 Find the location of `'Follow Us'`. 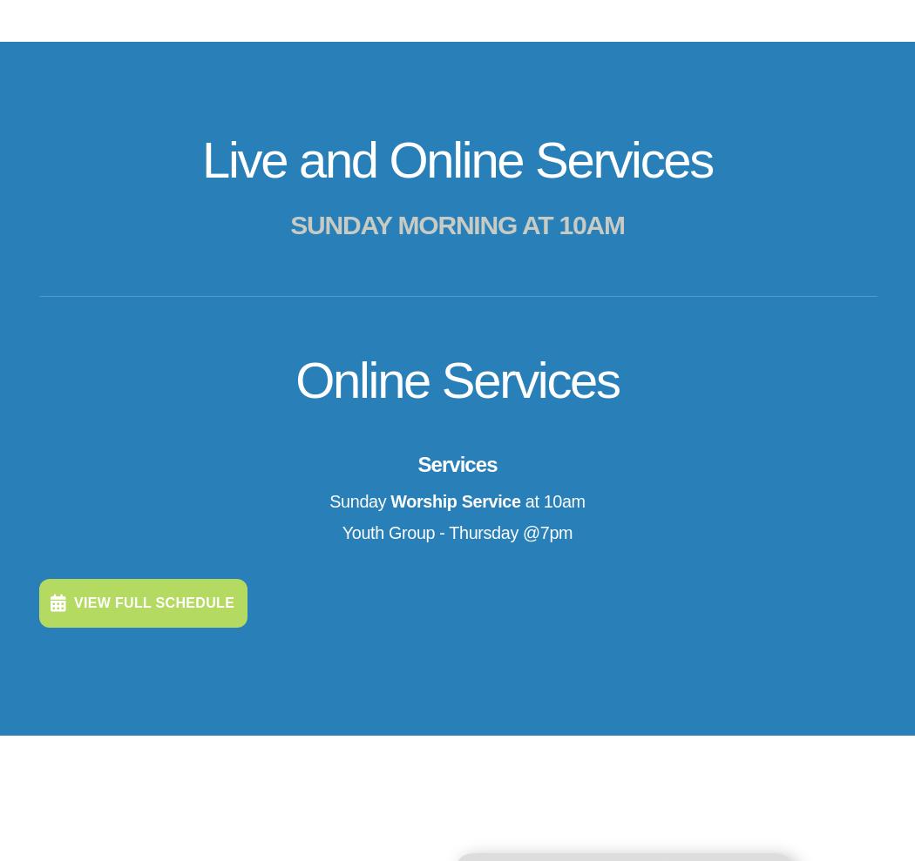

'Follow Us' is located at coordinates (762, 673).